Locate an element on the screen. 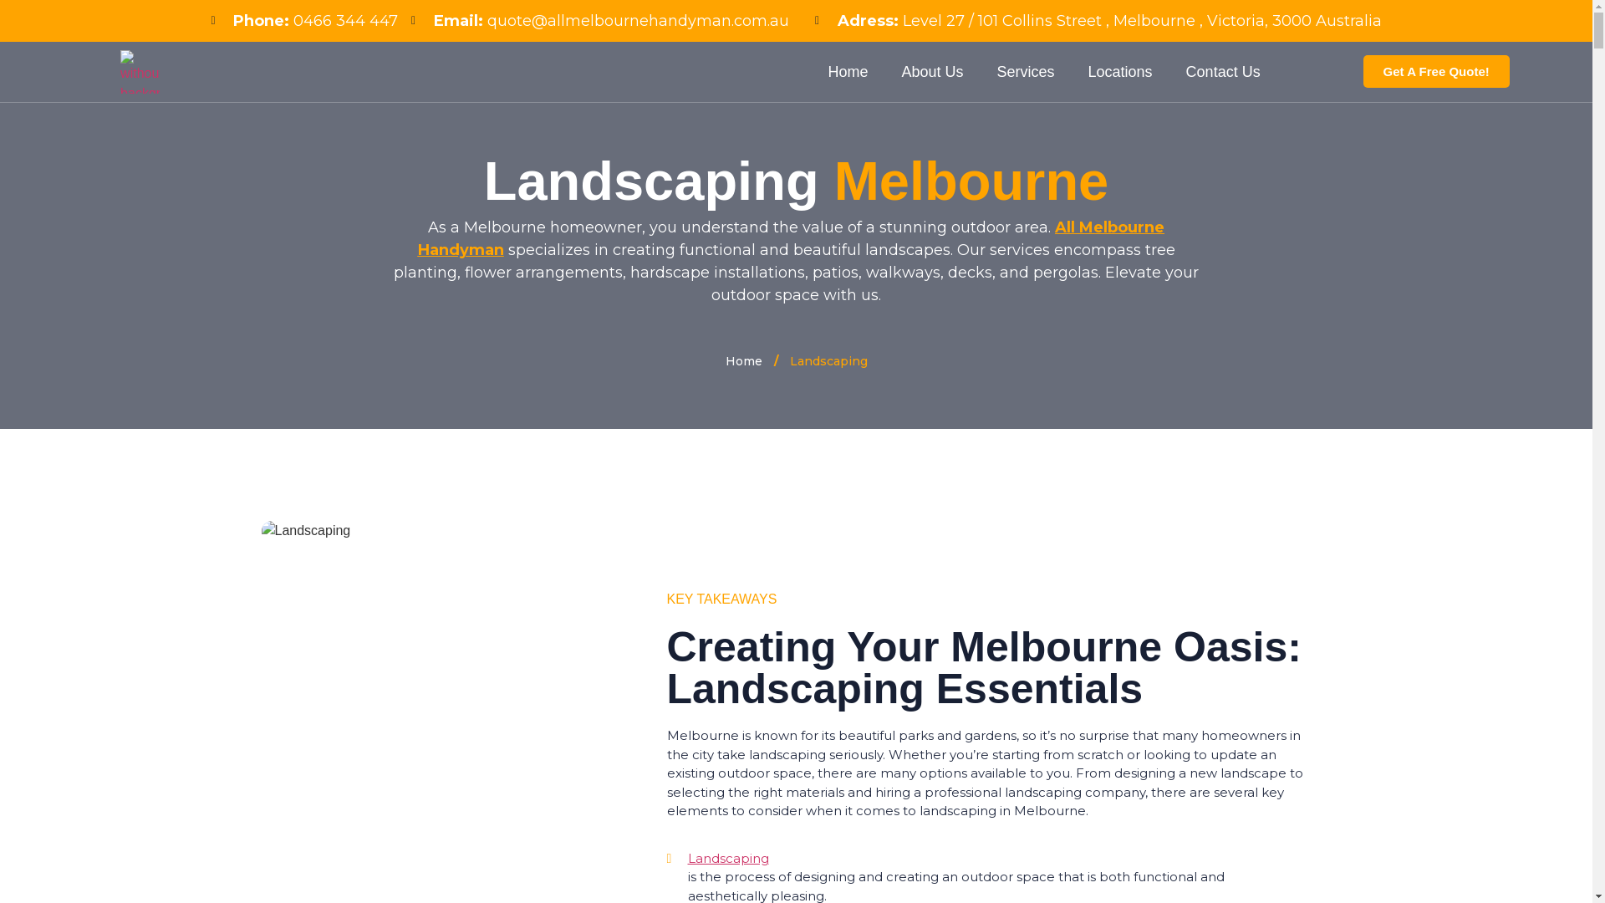 This screenshot has height=903, width=1605. 'Home' is located at coordinates (847, 70).